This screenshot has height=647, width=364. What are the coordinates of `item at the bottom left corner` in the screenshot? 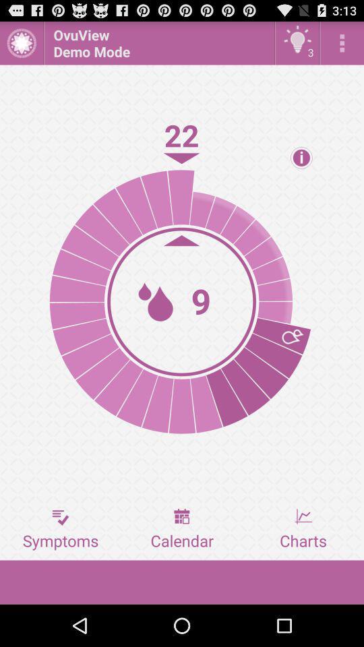 It's located at (60, 529).